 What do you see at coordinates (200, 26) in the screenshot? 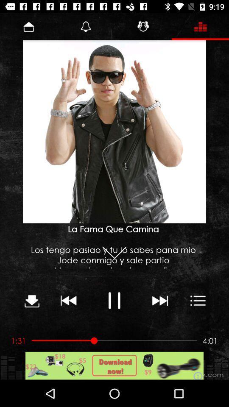
I see `fourth icon at the top from left side` at bounding box center [200, 26].